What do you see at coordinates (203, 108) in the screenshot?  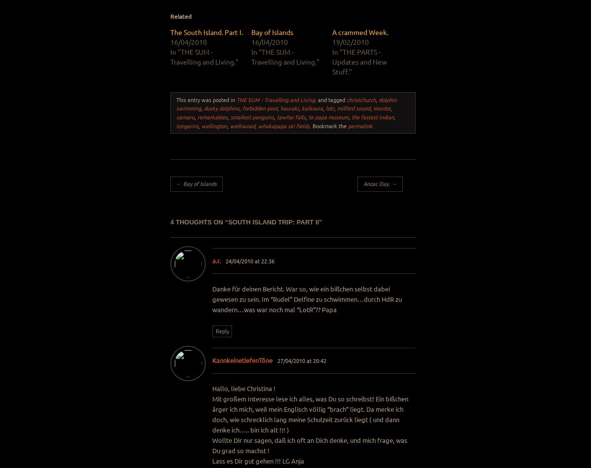 I see `'dusky dolphins'` at bounding box center [203, 108].